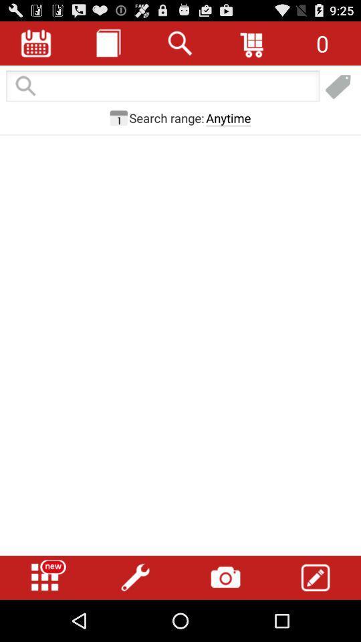 This screenshot has height=642, width=361. Describe the element at coordinates (36, 43) in the screenshot. I see `open calendar` at that location.